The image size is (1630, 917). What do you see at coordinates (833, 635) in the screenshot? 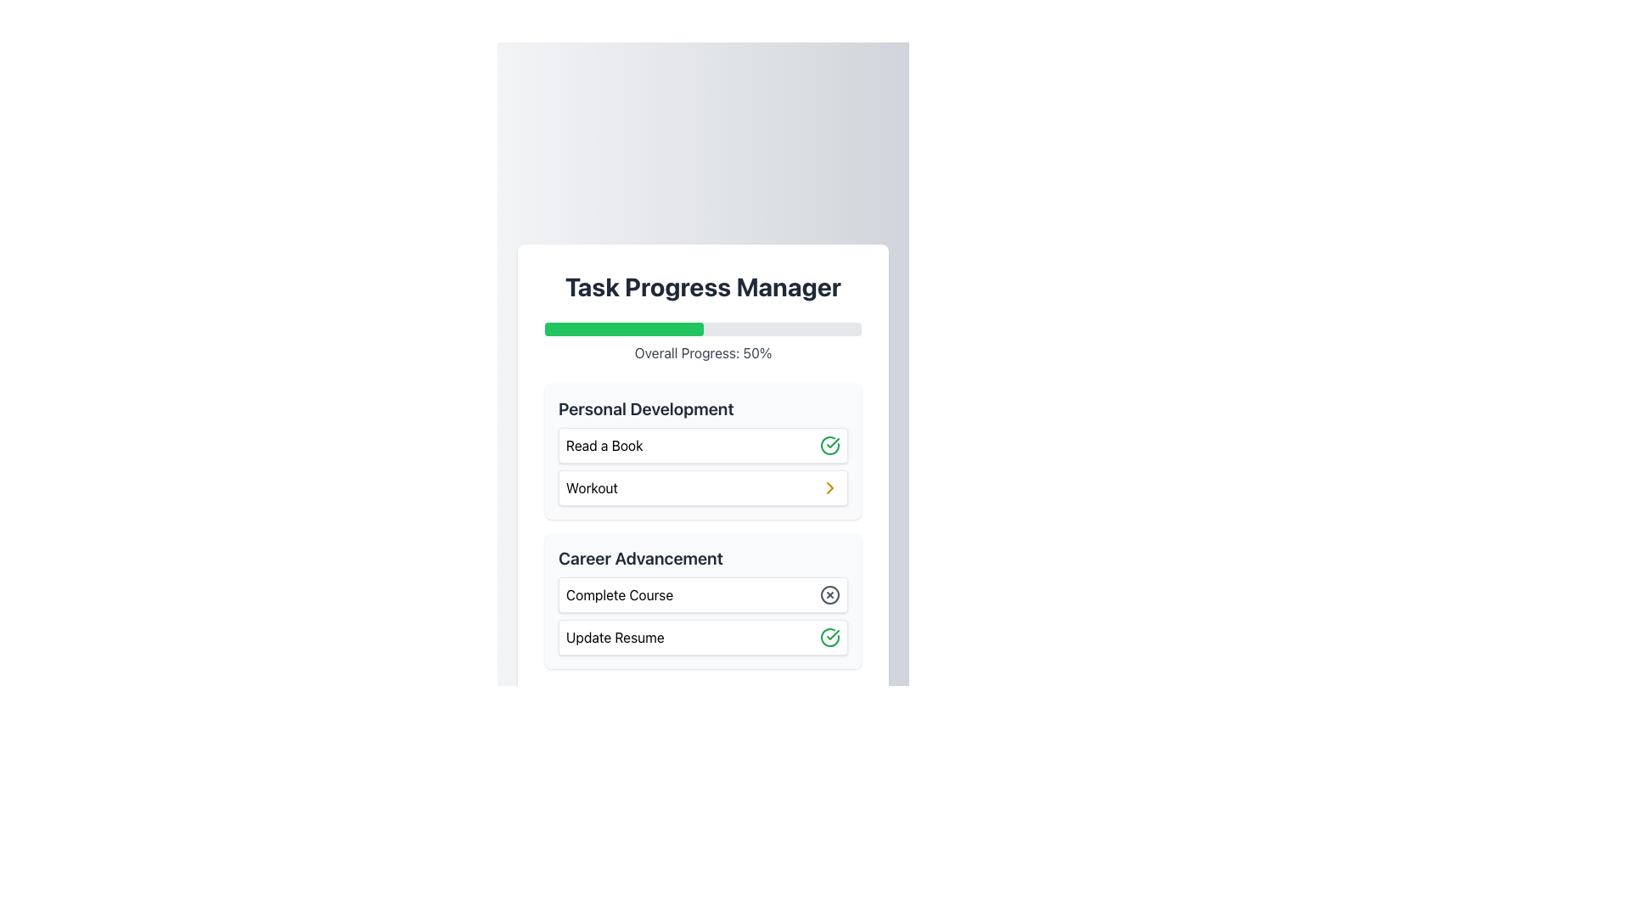
I see `the checkmark icon indicating the completion status of the 'Read a Book' task in the 'Personal Development' section` at bounding box center [833, 635].